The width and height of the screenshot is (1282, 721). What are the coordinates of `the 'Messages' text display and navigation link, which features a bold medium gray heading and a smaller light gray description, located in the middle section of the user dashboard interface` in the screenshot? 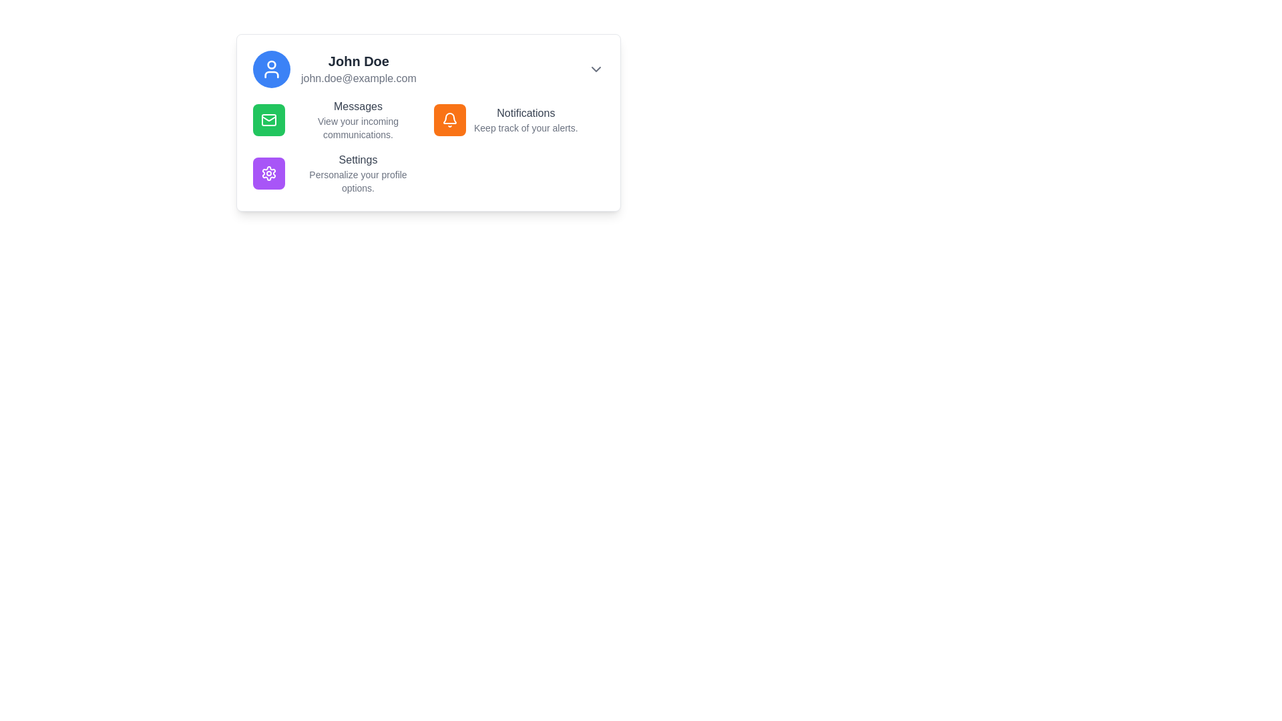 It's located at (358, 120).